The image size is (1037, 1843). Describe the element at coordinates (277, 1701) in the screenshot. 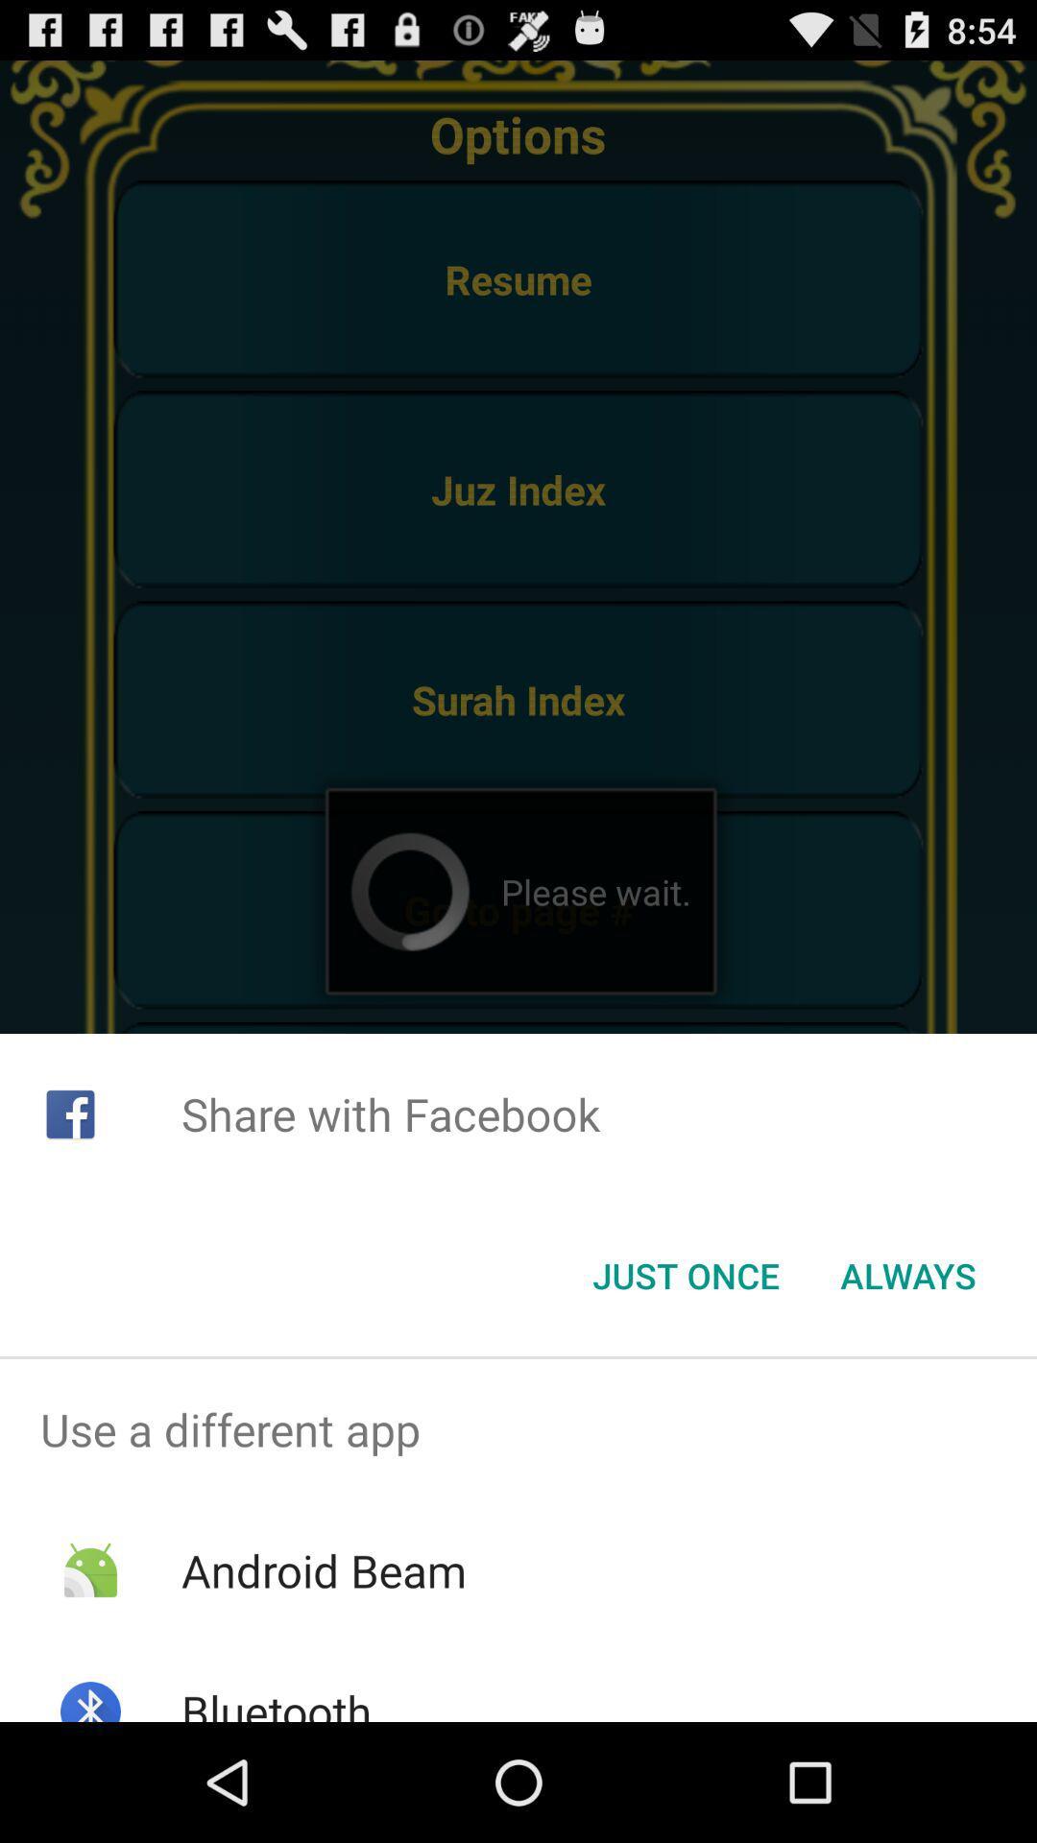

I see `bluetooth` at that location.